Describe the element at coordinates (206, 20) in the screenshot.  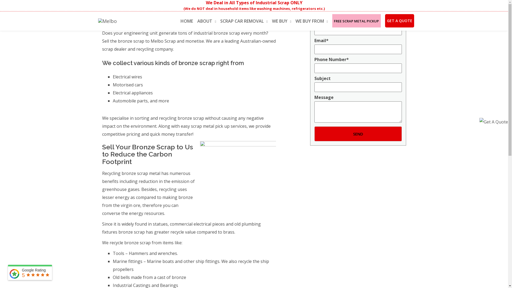
I see `'ABOUT'` at that location.